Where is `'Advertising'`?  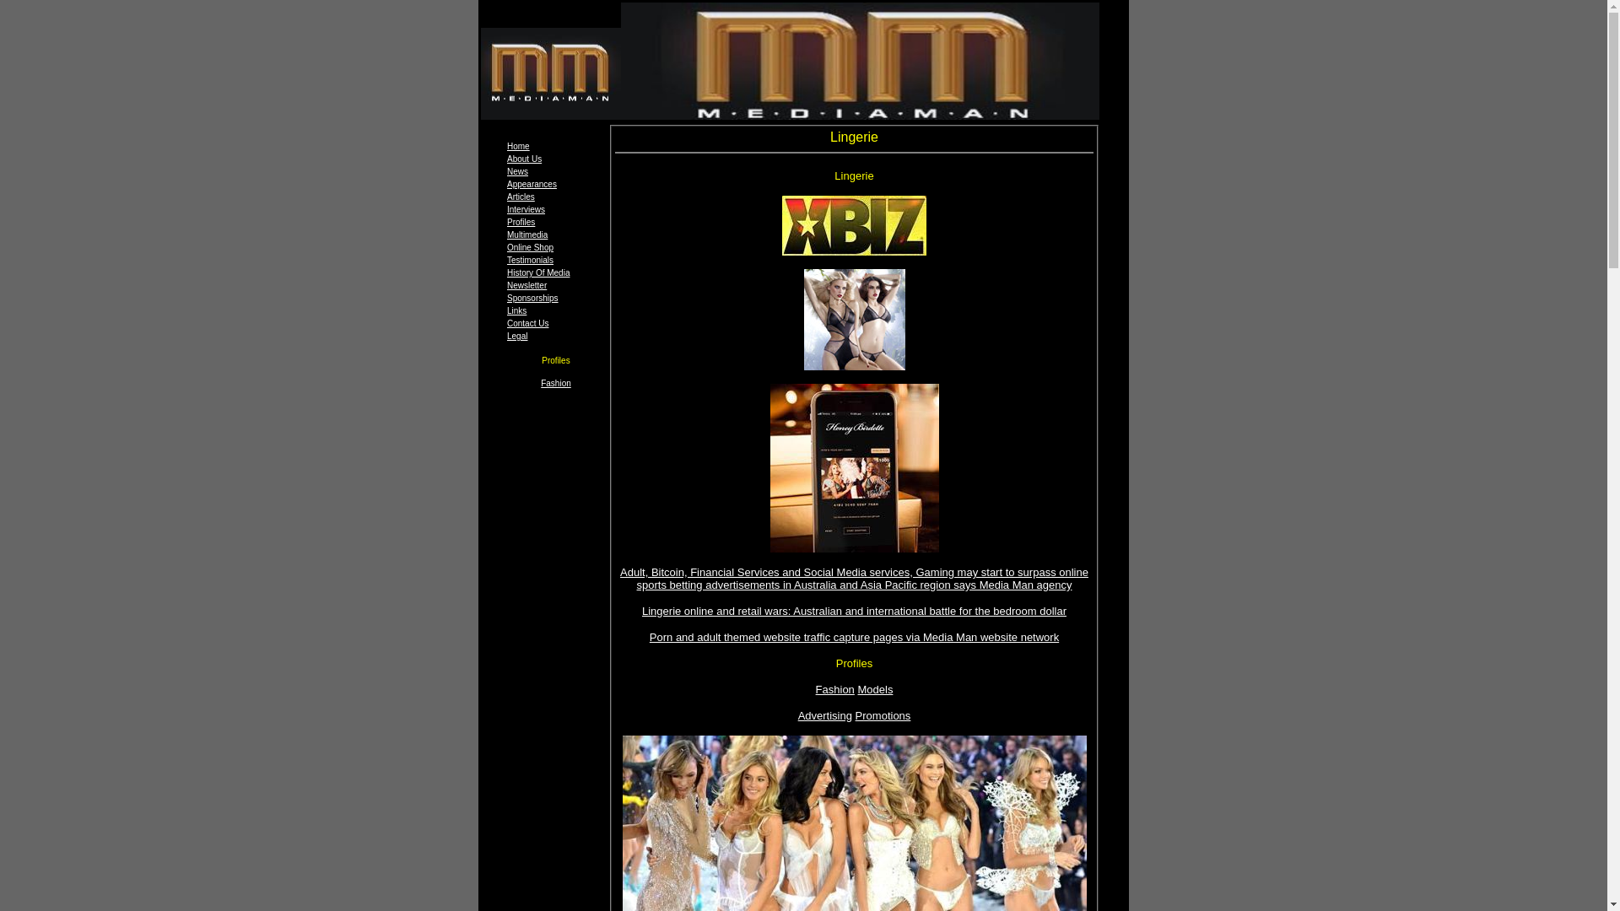
'Advertising' is located at coordinates (796, 715).